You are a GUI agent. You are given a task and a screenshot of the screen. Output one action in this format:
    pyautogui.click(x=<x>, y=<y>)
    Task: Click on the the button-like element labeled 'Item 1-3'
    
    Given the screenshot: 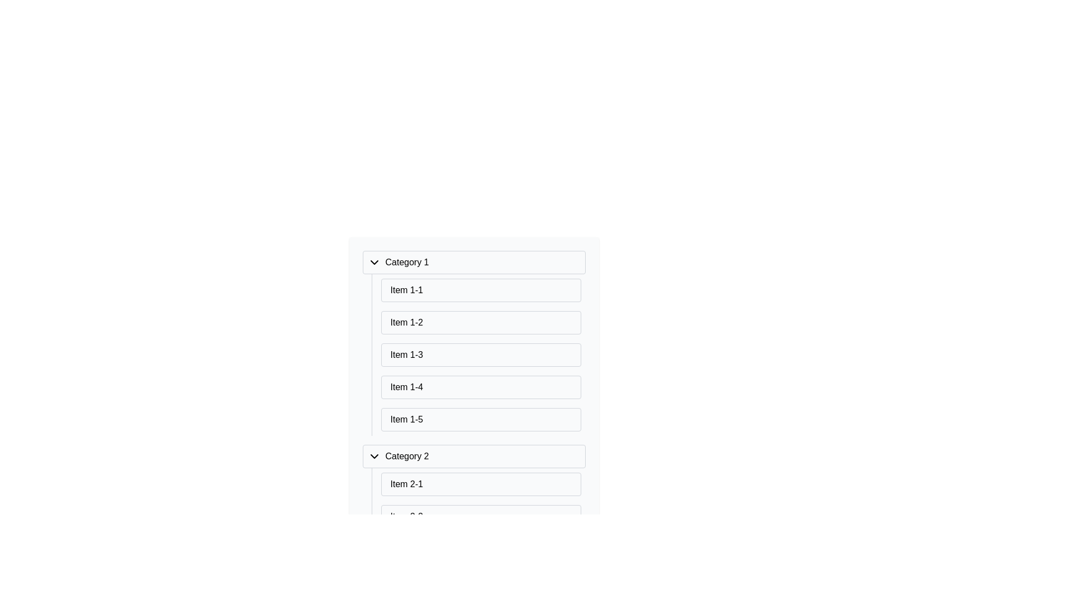 What is the action you would take?
    pyautogui.click(x=481, y=355)
    